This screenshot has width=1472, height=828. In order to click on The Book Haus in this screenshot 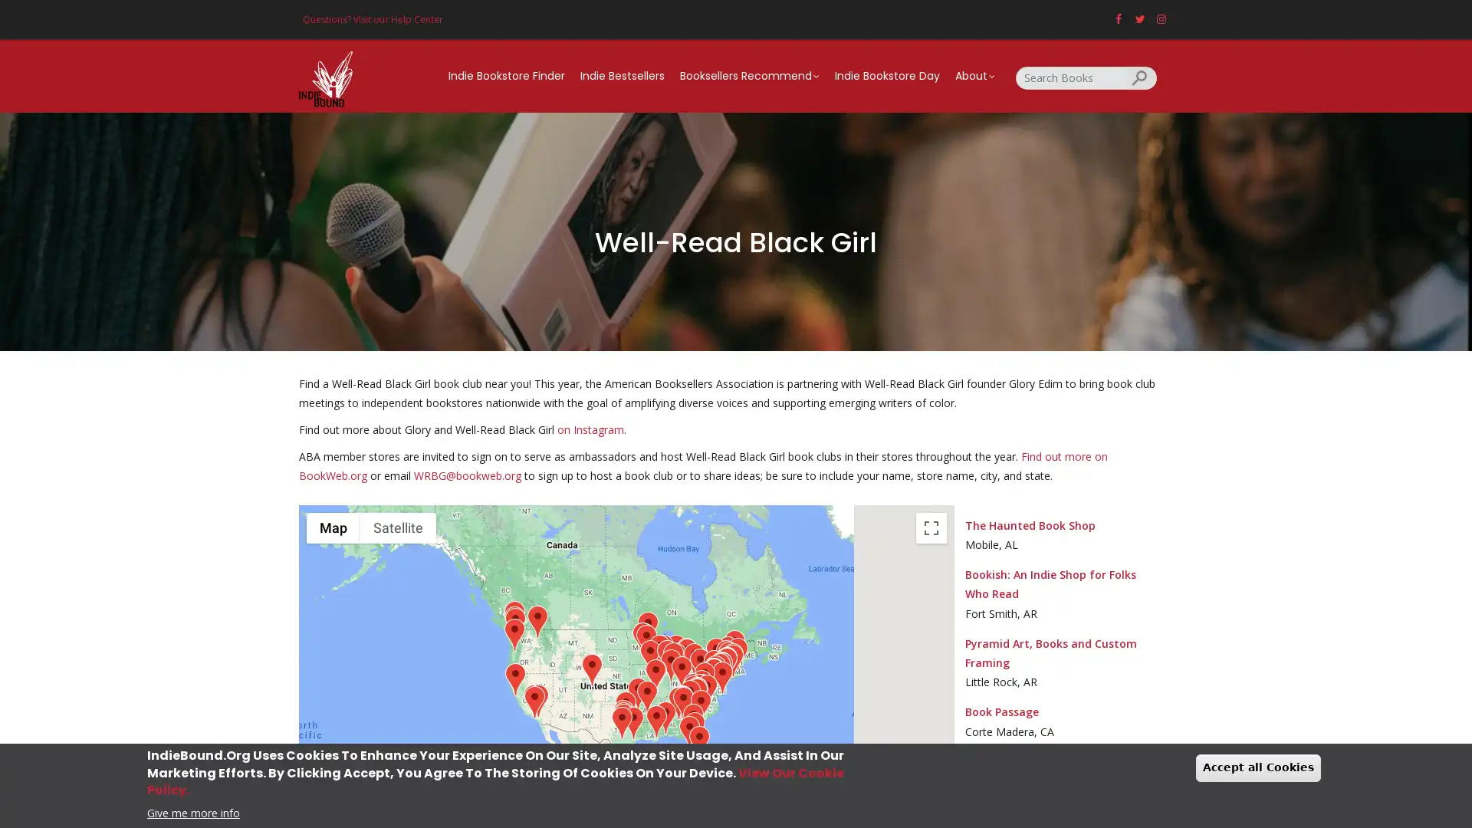, I will do `click(621, 722)`.